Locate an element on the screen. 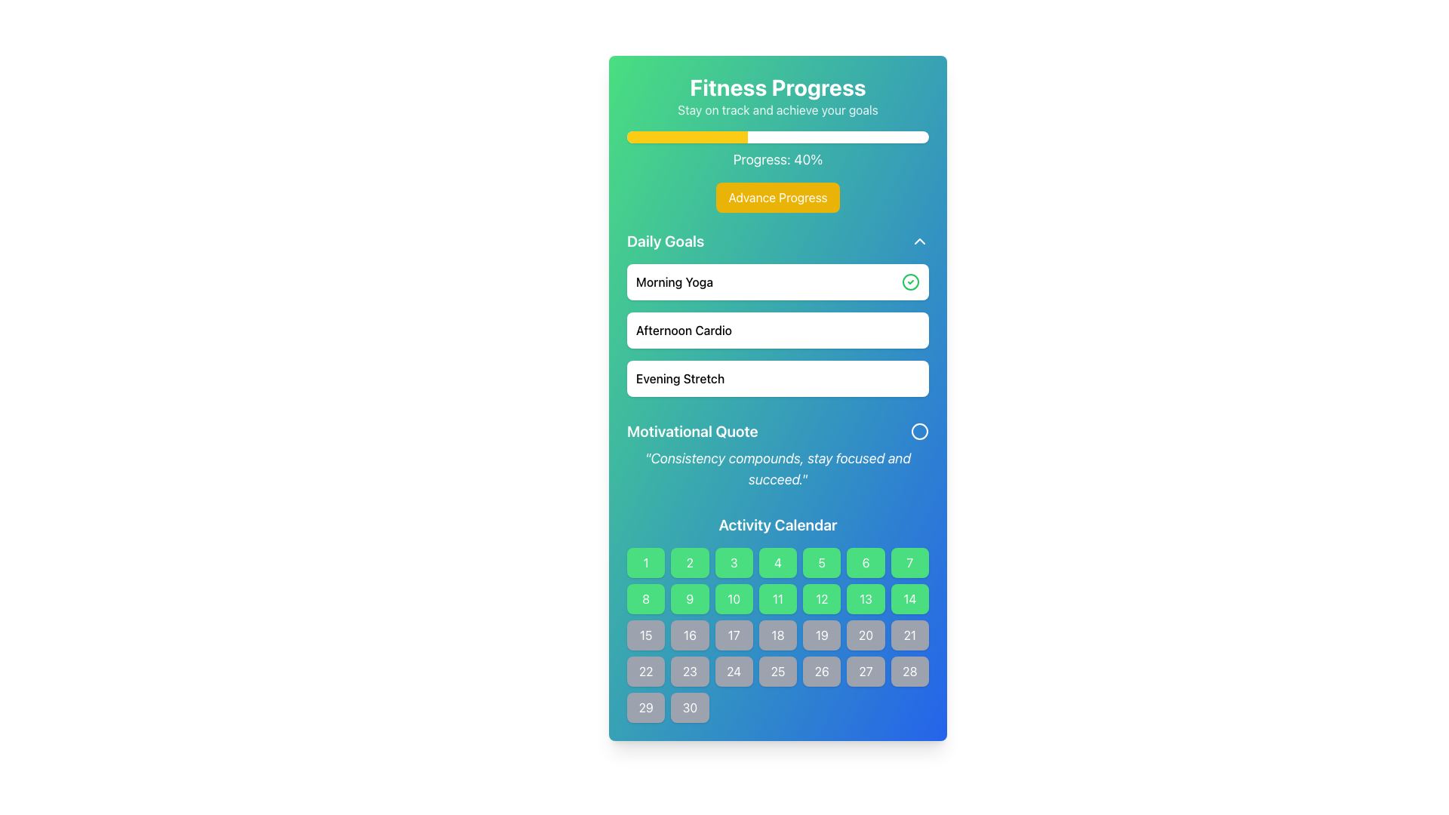  the square-shaped green button labeled '1' is located at coordinates (646, 562).